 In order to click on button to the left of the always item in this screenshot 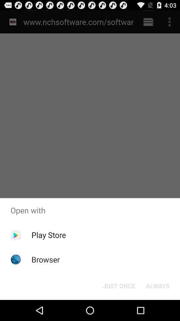, I will do `click(119, 285)`.